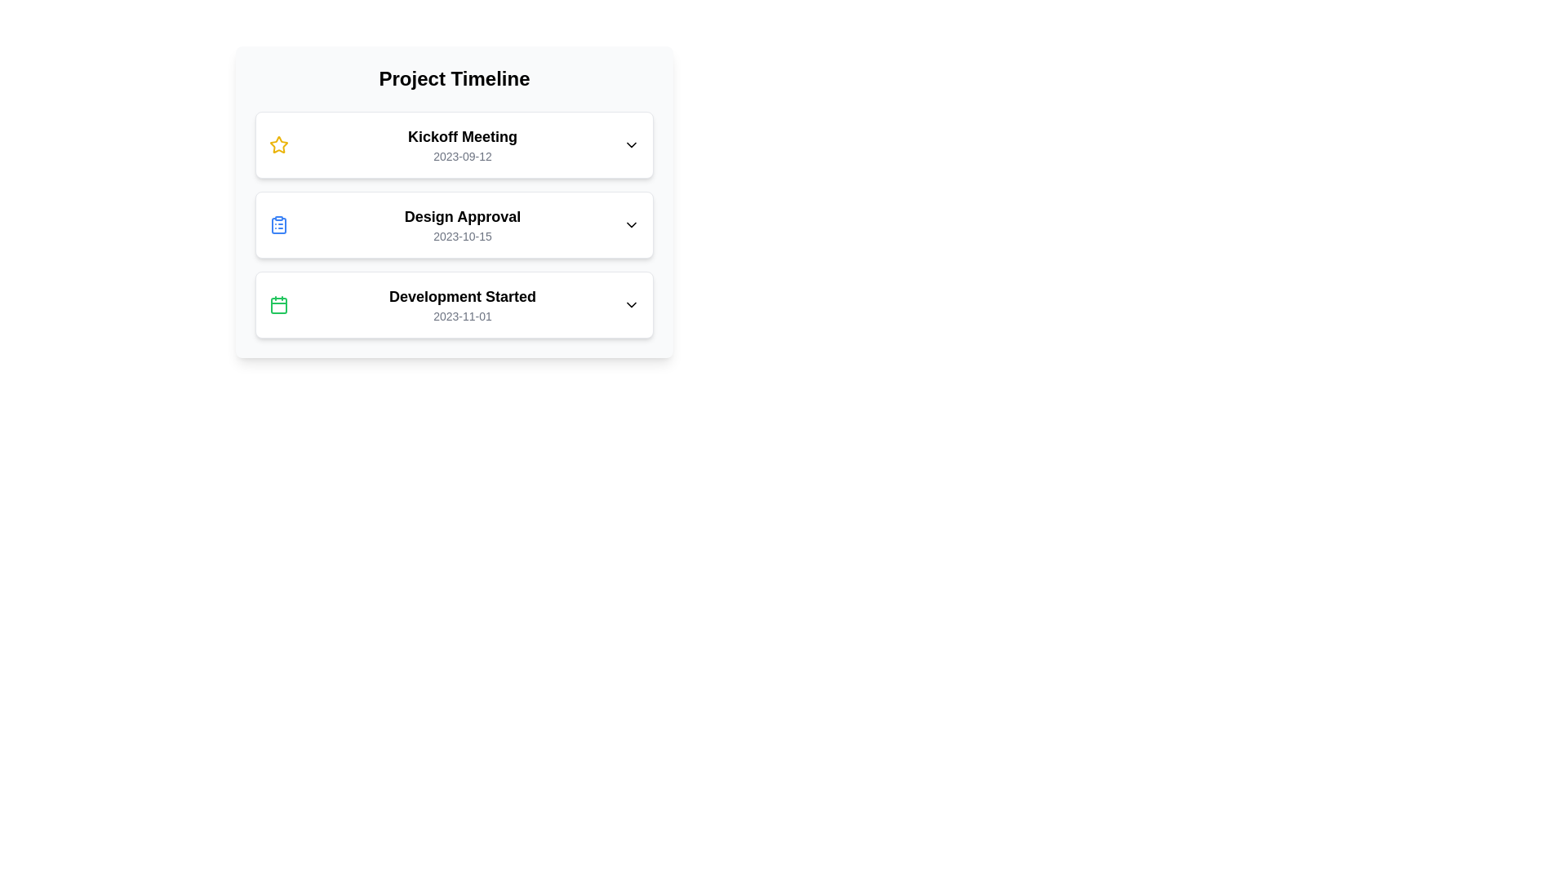 The width and height of the screenshot is (1567, 881). Describe the element at coordinates (461, 305) in the screenshot. I see `the Timeline entry that displays 'Development Started' in bold with the date '2023-11-01' below it, which is the third item in the vertical timeline layout` at that location.